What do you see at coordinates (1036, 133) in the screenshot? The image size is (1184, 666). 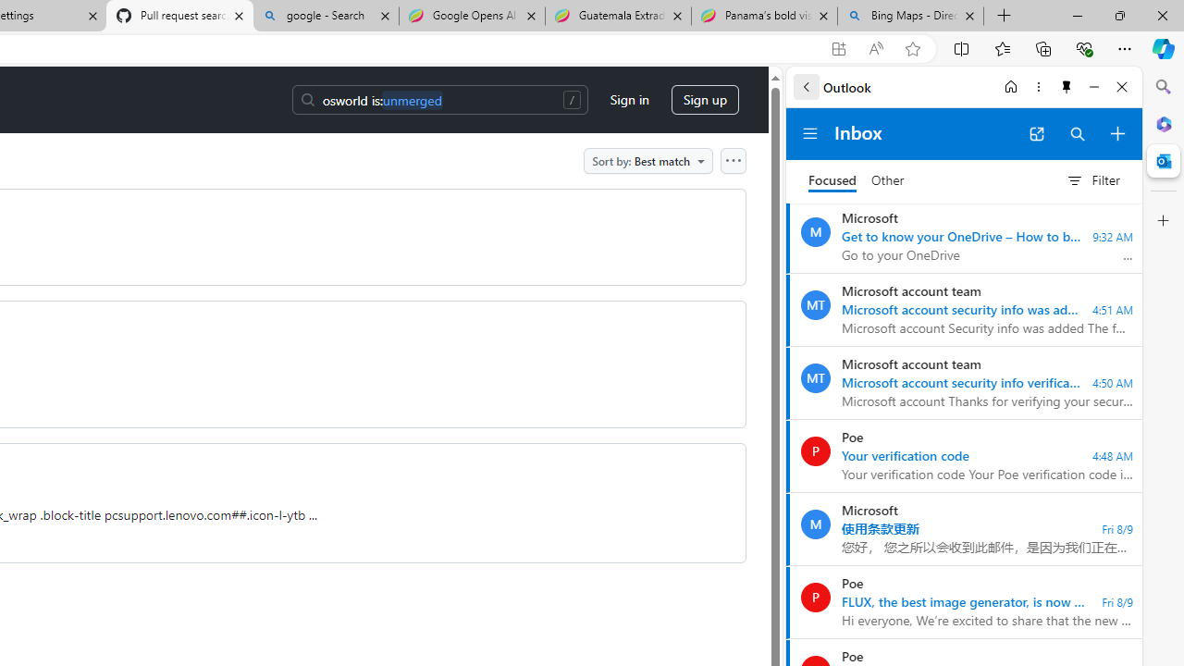 I see `'Open in new tab'` at bounding box center [1036, 133].